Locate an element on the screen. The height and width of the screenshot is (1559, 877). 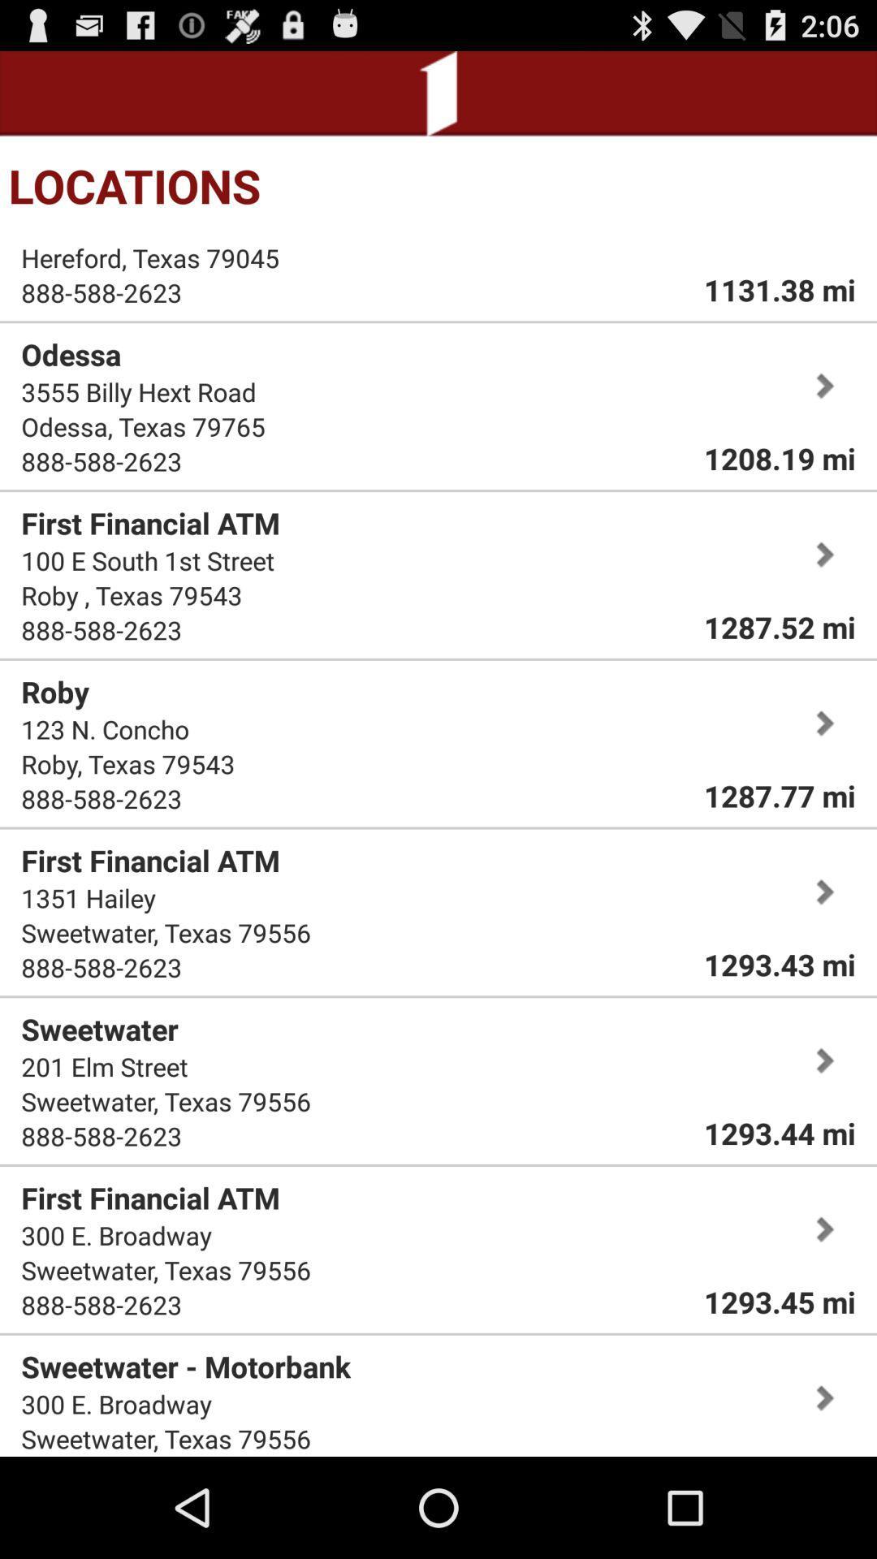
item next to the 1131.38 mi icon is located at coordinates (150, 257).